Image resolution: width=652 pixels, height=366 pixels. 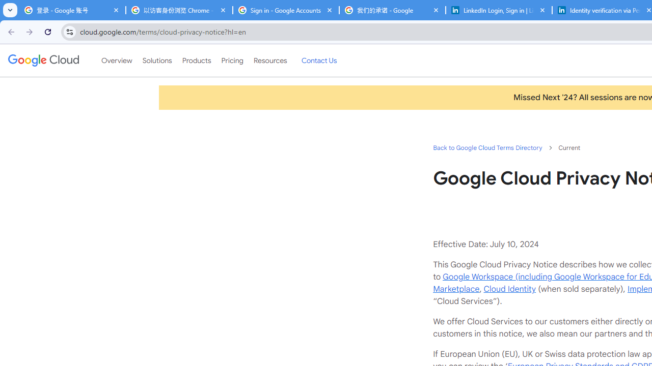 I want to click on 'Contact Us', so click(x=318, y=60).